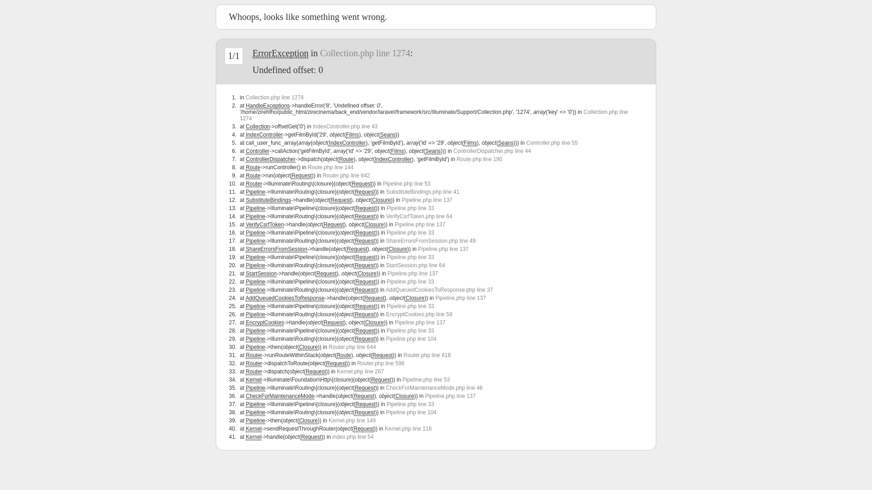  I want to click on 'ShareErrorsFromSession.php line 49', so click(430, 240).